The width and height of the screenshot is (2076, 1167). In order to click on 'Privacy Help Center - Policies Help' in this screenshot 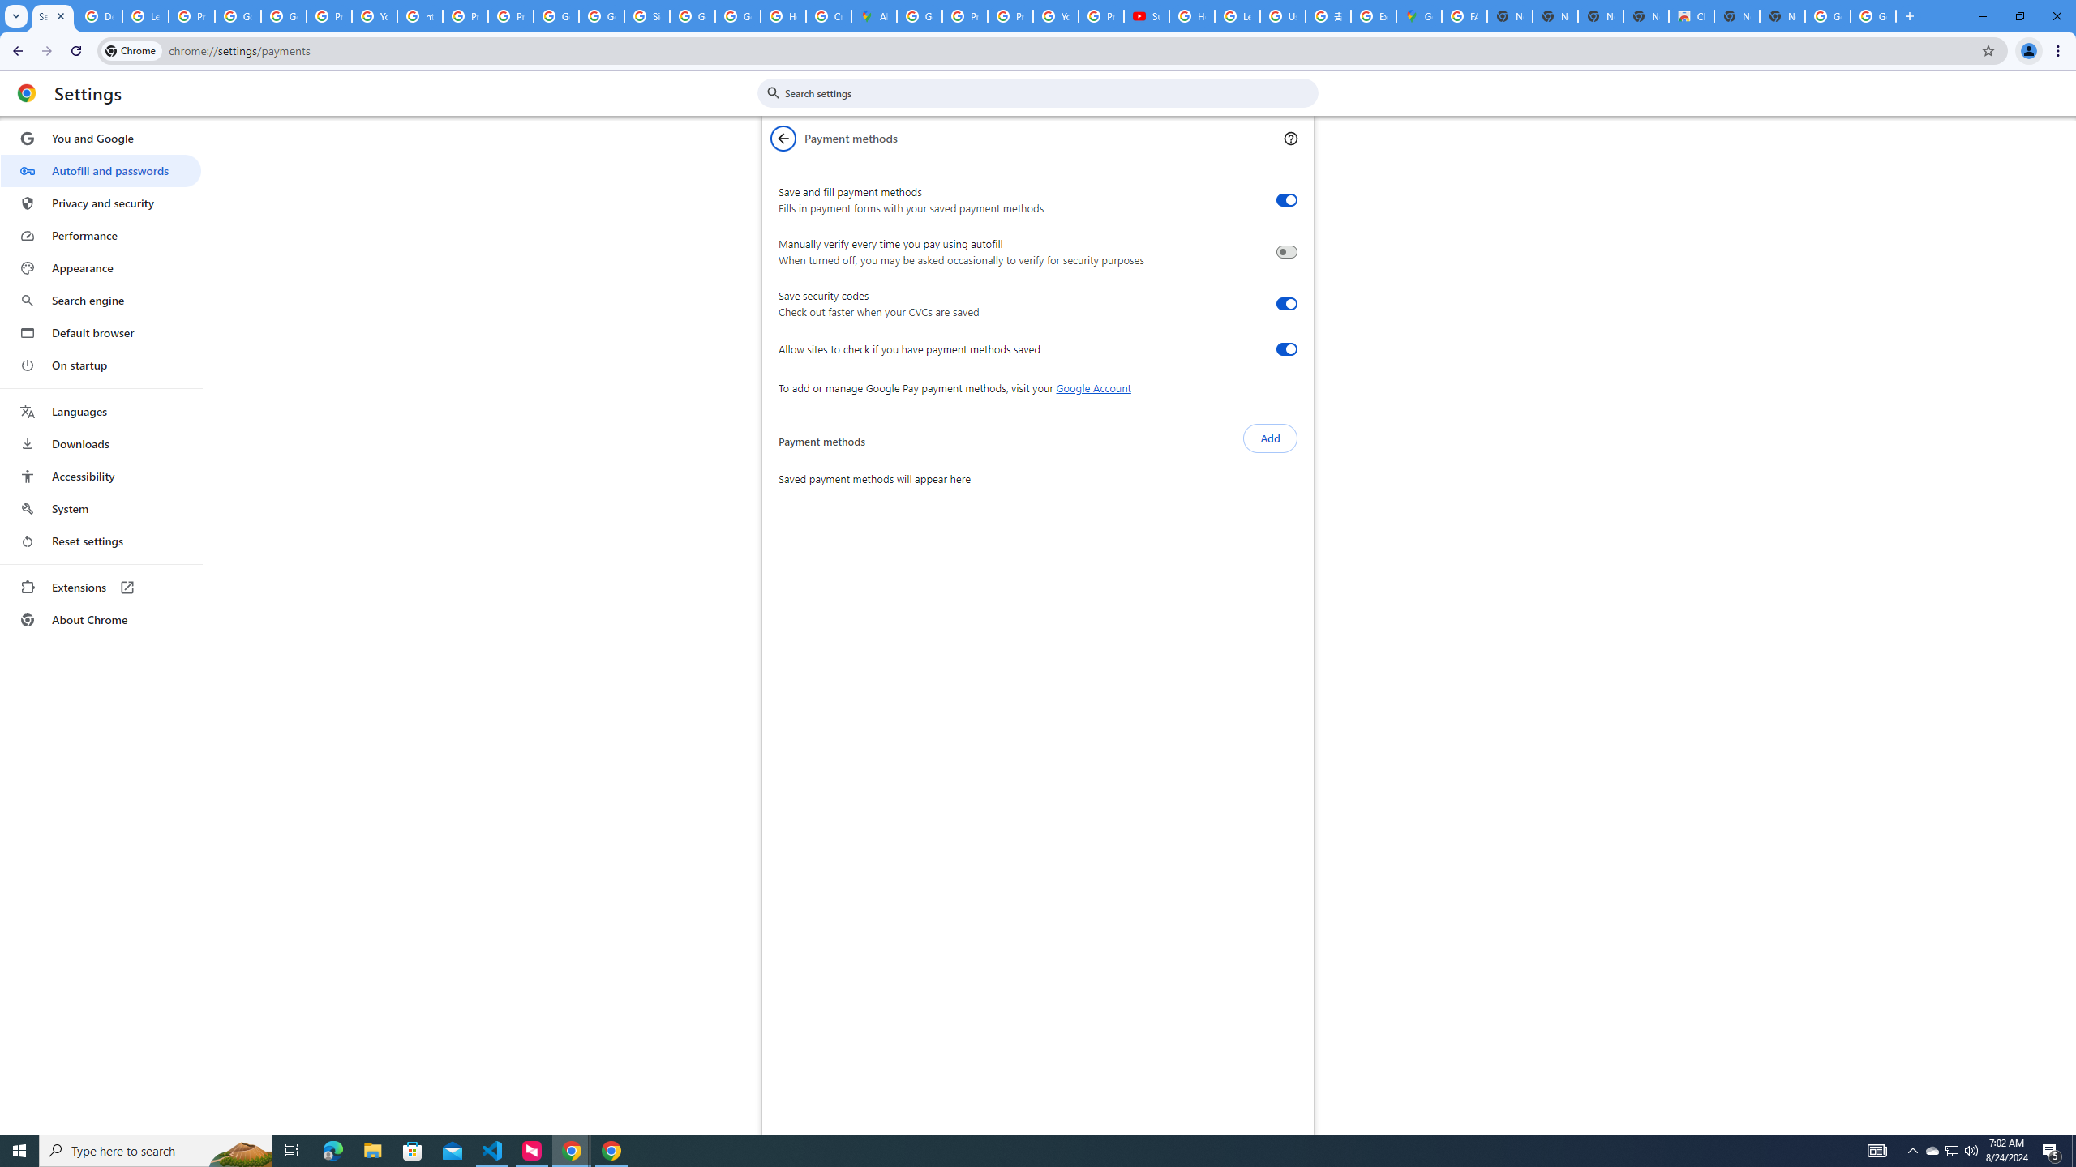, I will do `click(964, 15)`.